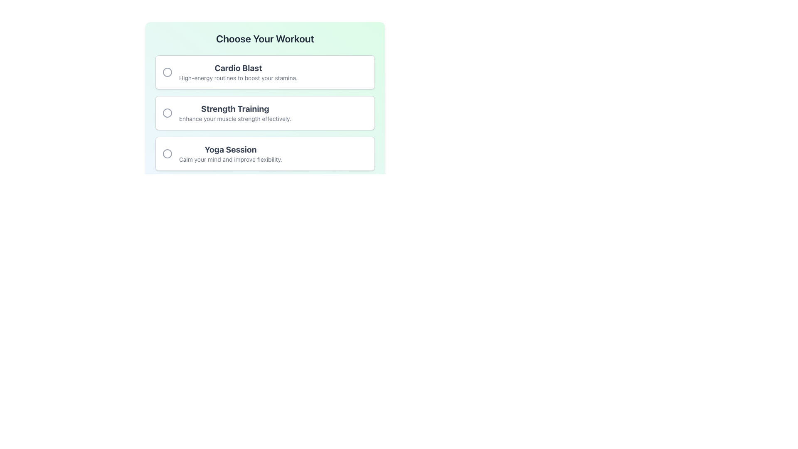 This screenshot has width=798, height=449. Describe the element at coordinates (167, 72) in the screenshot. I see `the circular outline of the Radio button indicator for the 'Cardio Blast' option to trigger any highlighting effects` at that location.